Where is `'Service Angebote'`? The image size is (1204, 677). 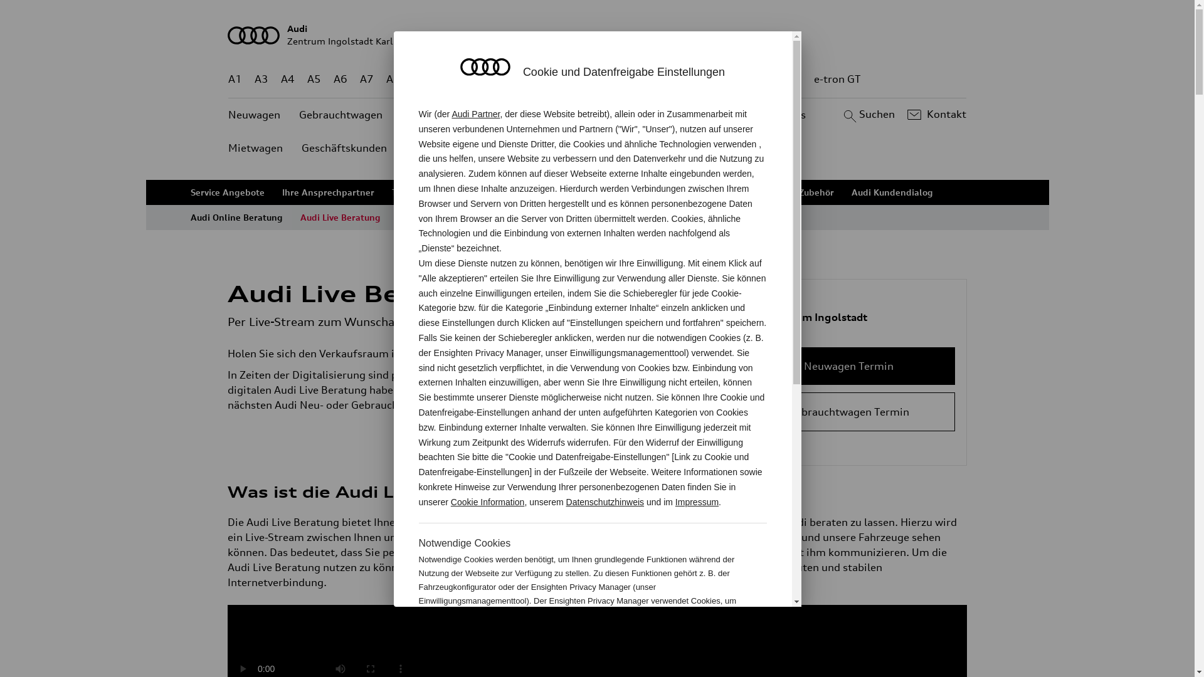
'Service Angebote' is located at coordinates (181, 192).